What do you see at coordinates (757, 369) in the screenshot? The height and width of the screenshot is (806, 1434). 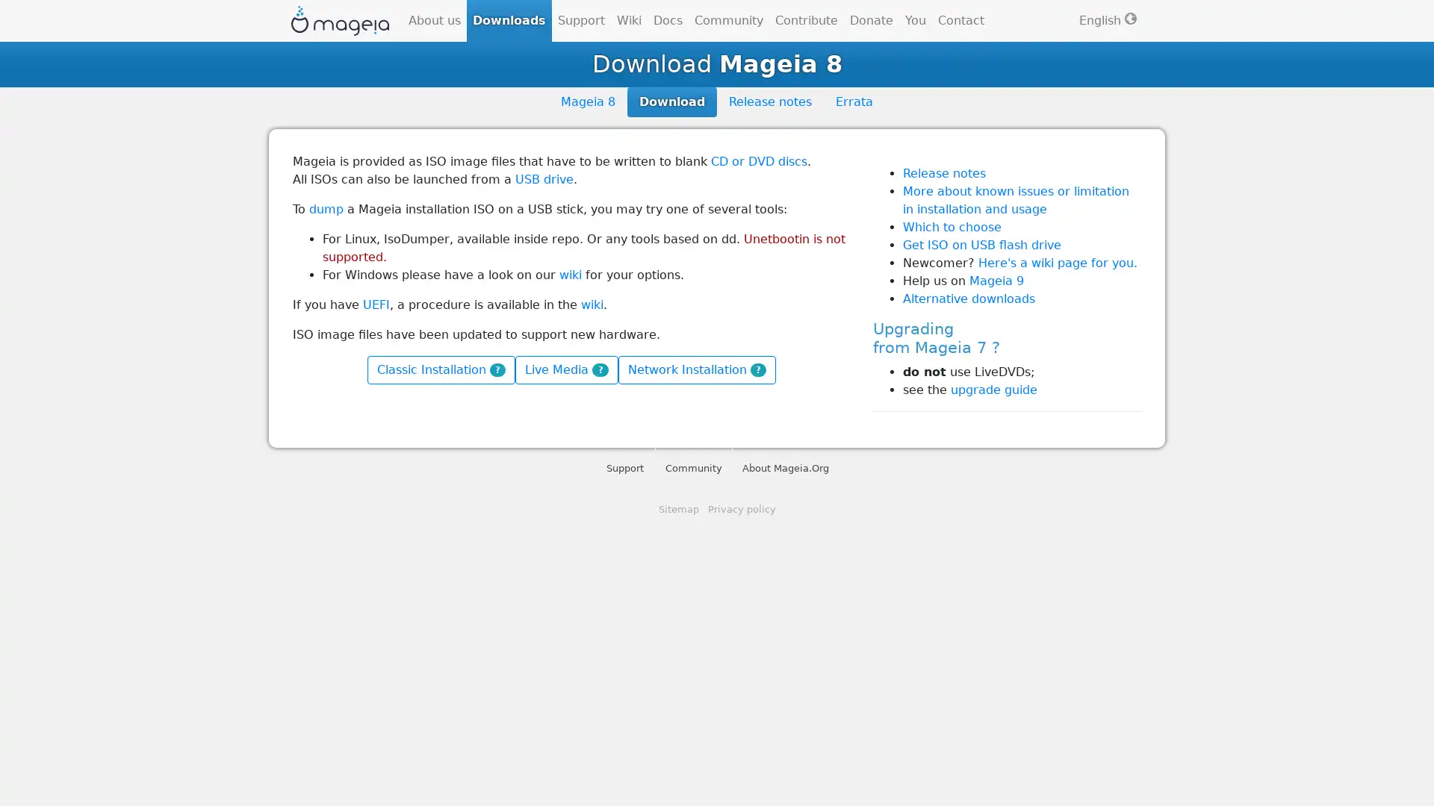 I see `?` at bounding box center [757, 369].